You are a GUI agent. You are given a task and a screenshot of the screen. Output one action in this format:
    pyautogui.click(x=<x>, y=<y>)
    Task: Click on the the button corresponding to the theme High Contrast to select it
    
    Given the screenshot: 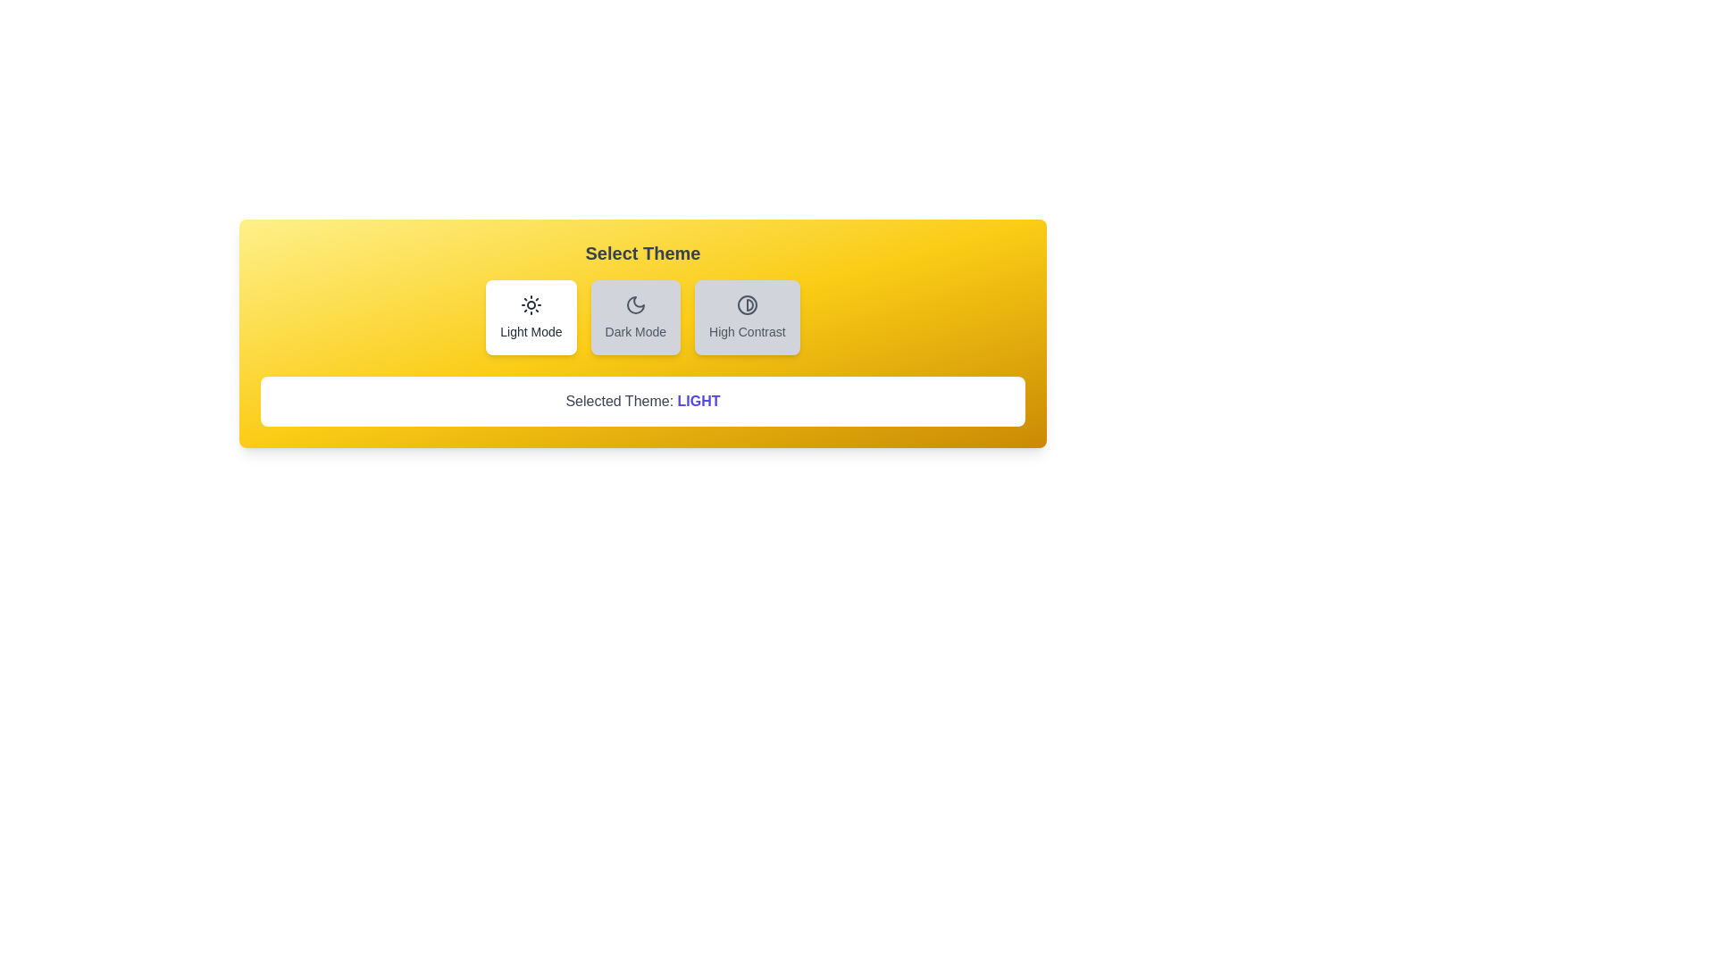 What is the action you would take?
    pyautogui.click(x=747, y=316)
    